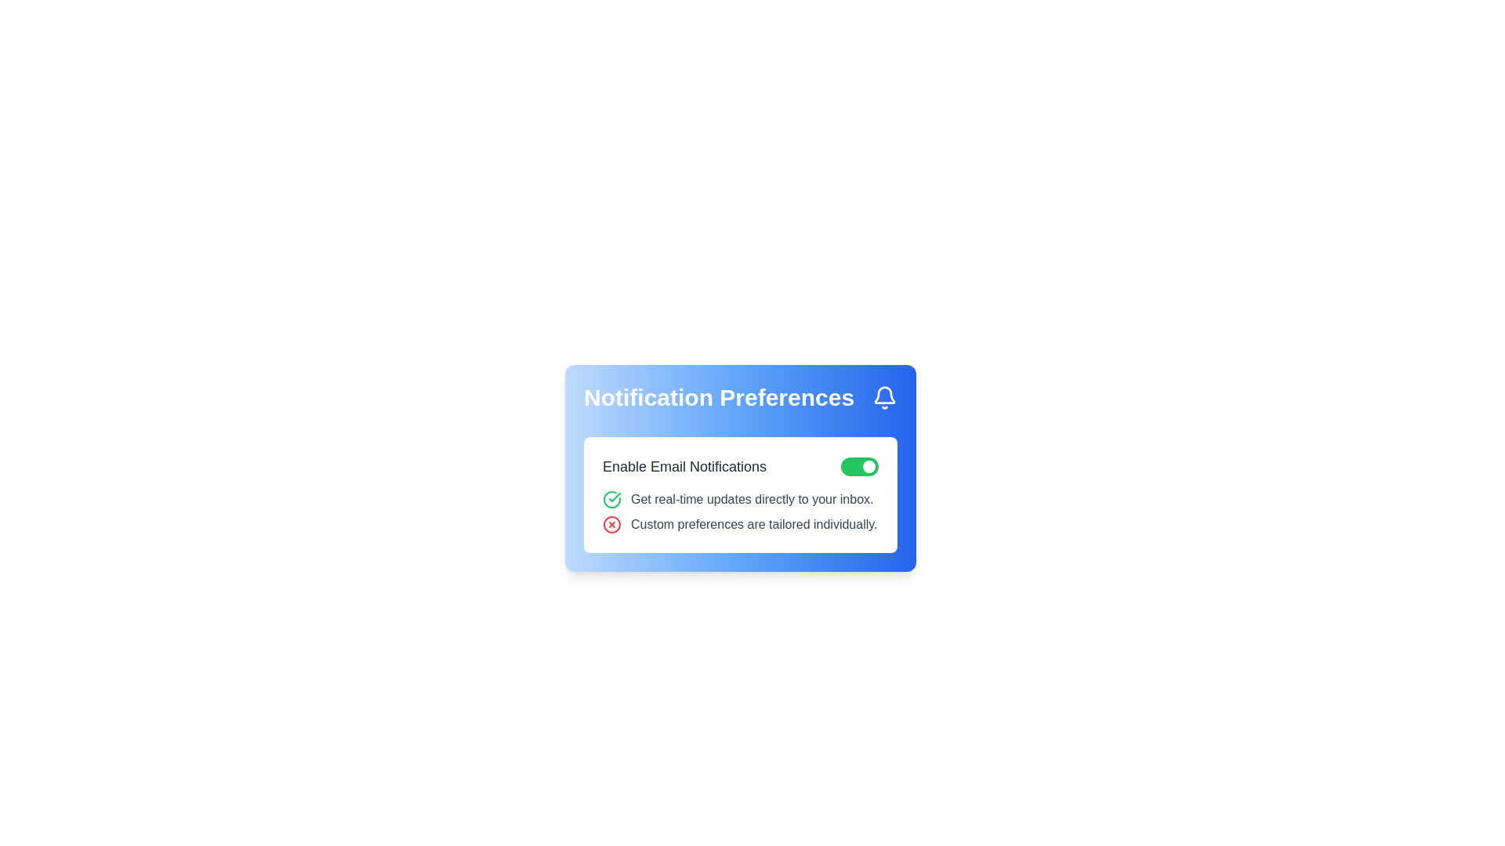 The width and height of the screenshot is (1505, 846). I want to click on the informational text regarding user customization preferences located in the 'Notification Preferences' section, positioned below the statement 'Get real-time updates directly, so click(740, 525).